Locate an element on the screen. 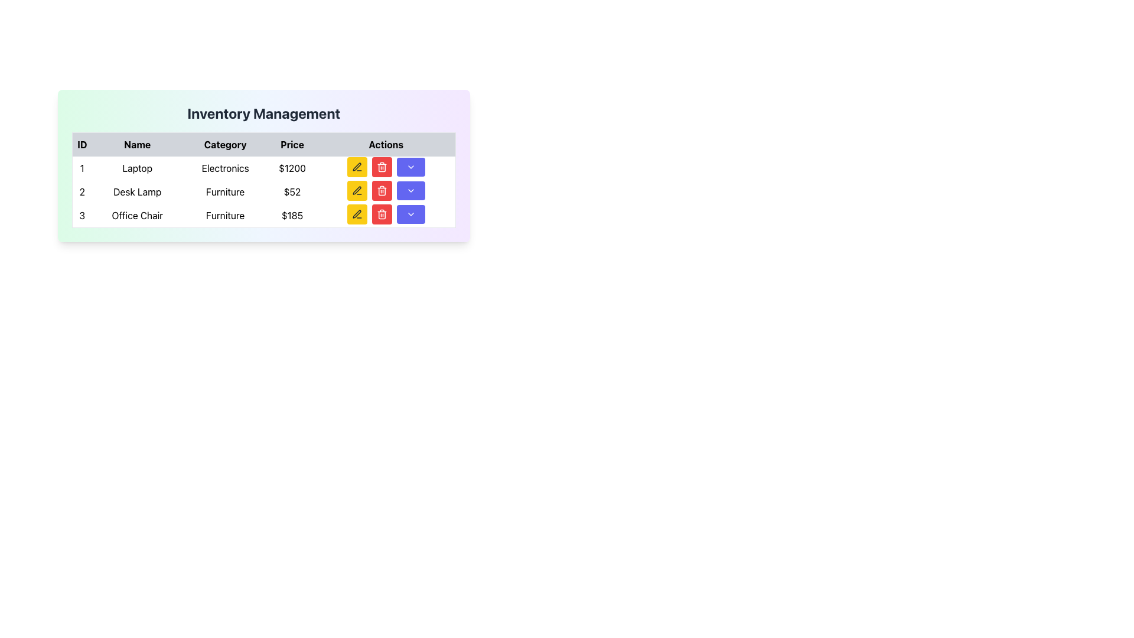 The image size is (1134, 638). the dropdown toggle button located in the last column of the second row in the 'Actions' section of the table is located at coordinates (410, 190).